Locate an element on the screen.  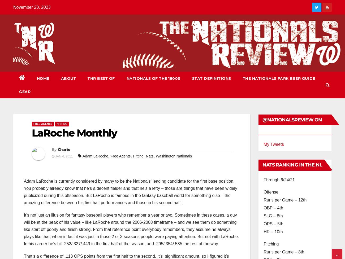
'@NationalsReview on Twitter' is located at coordinates (292, 125).